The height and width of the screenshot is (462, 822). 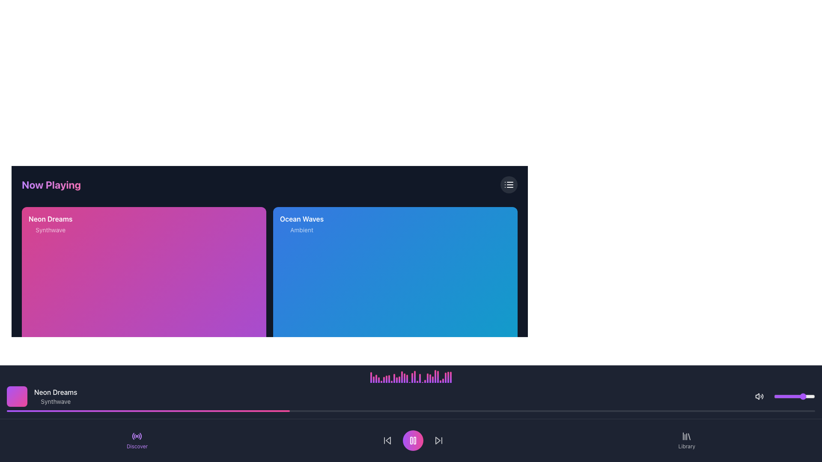 What do you see at coordinates (302, 219) in the screenshot?
I see `the 'Ocean Waves' text label, which is bold and located at the top of a blue card in the 'Now Playing' section` at bounding box center [302, 219].